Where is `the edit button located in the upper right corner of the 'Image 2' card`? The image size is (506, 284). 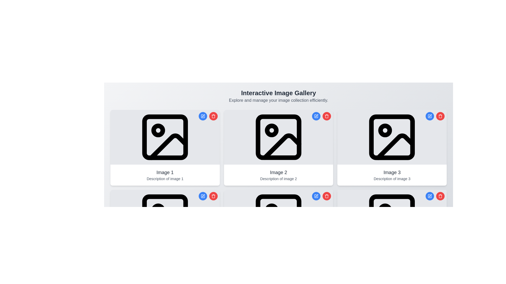 the edit button located in the upper right corner of the 'Image 2' card is located at coordinates (202, 196).